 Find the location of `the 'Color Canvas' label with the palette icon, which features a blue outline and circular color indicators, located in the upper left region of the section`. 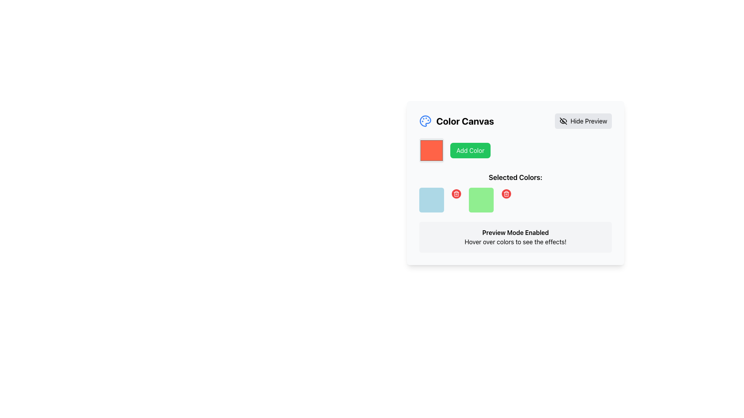

the 'Color Canvas' label with the palette icon, which features a blue outline and circular color indicators, located in the upper left region of the section is located at coordinates (456, 121).